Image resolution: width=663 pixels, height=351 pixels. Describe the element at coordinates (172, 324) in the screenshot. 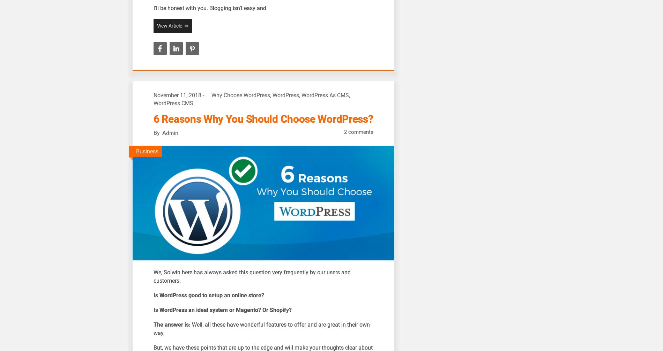

I see `'The answer is:'` at that location.